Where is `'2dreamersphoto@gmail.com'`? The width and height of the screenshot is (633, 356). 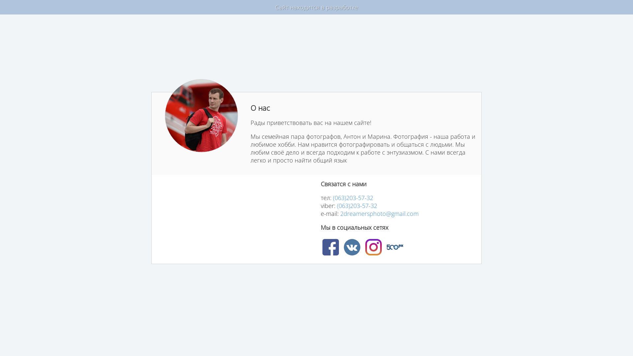
'2dreamersphoto@gmail.com' is located at coordinates (379, 214).